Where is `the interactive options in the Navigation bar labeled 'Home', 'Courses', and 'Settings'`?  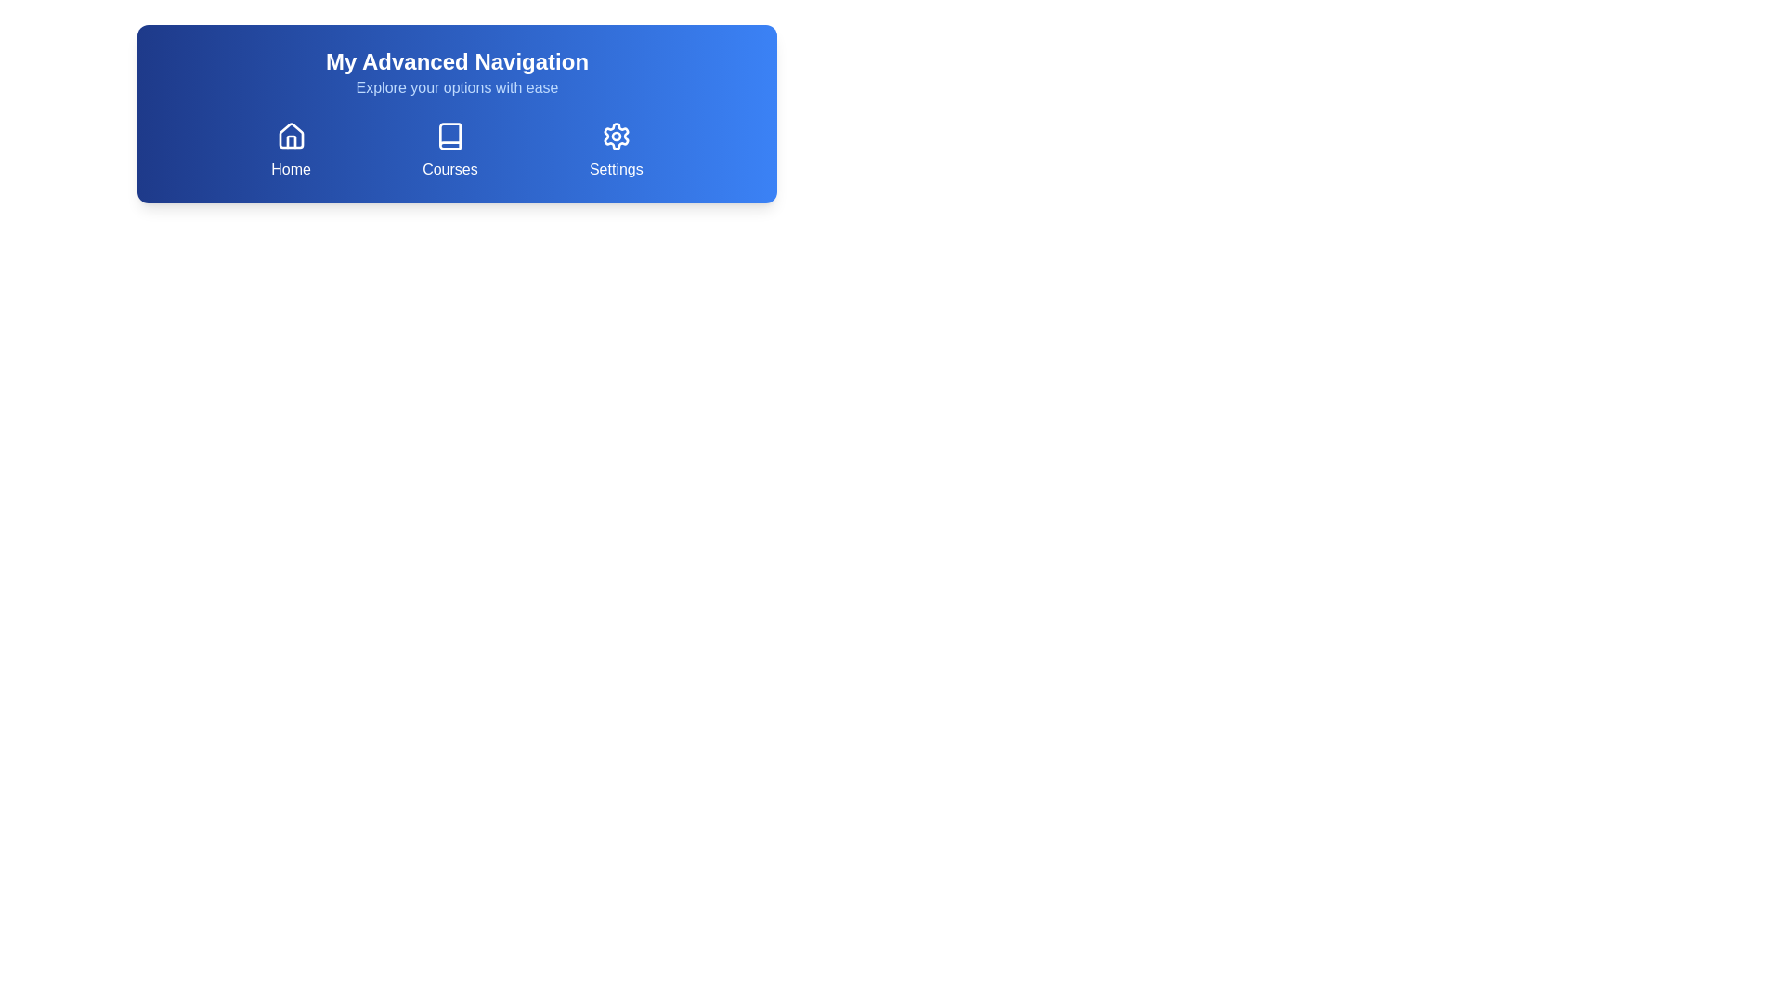 the interactive options in the Navigation bar labeled 'Home', 'Courses', and 'Settings' is located at coordinates (457, 114).